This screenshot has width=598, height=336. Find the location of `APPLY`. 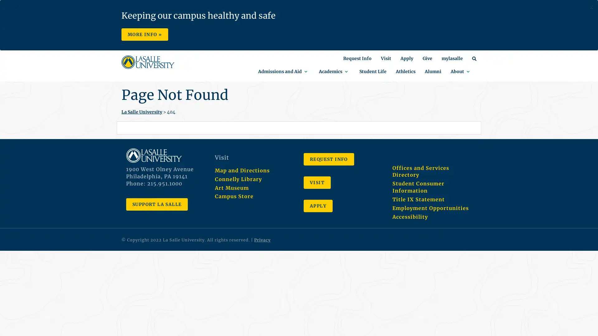

APPLY is located at coordinates (318, 206).